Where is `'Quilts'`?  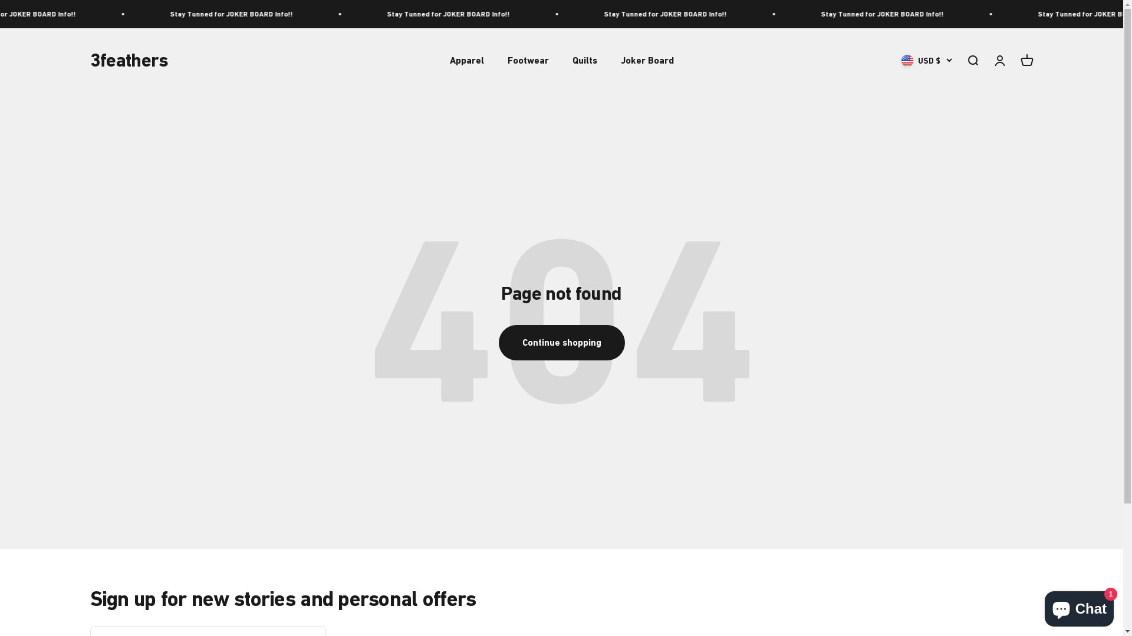
'Quilts' is located at coordinates (584, 60).